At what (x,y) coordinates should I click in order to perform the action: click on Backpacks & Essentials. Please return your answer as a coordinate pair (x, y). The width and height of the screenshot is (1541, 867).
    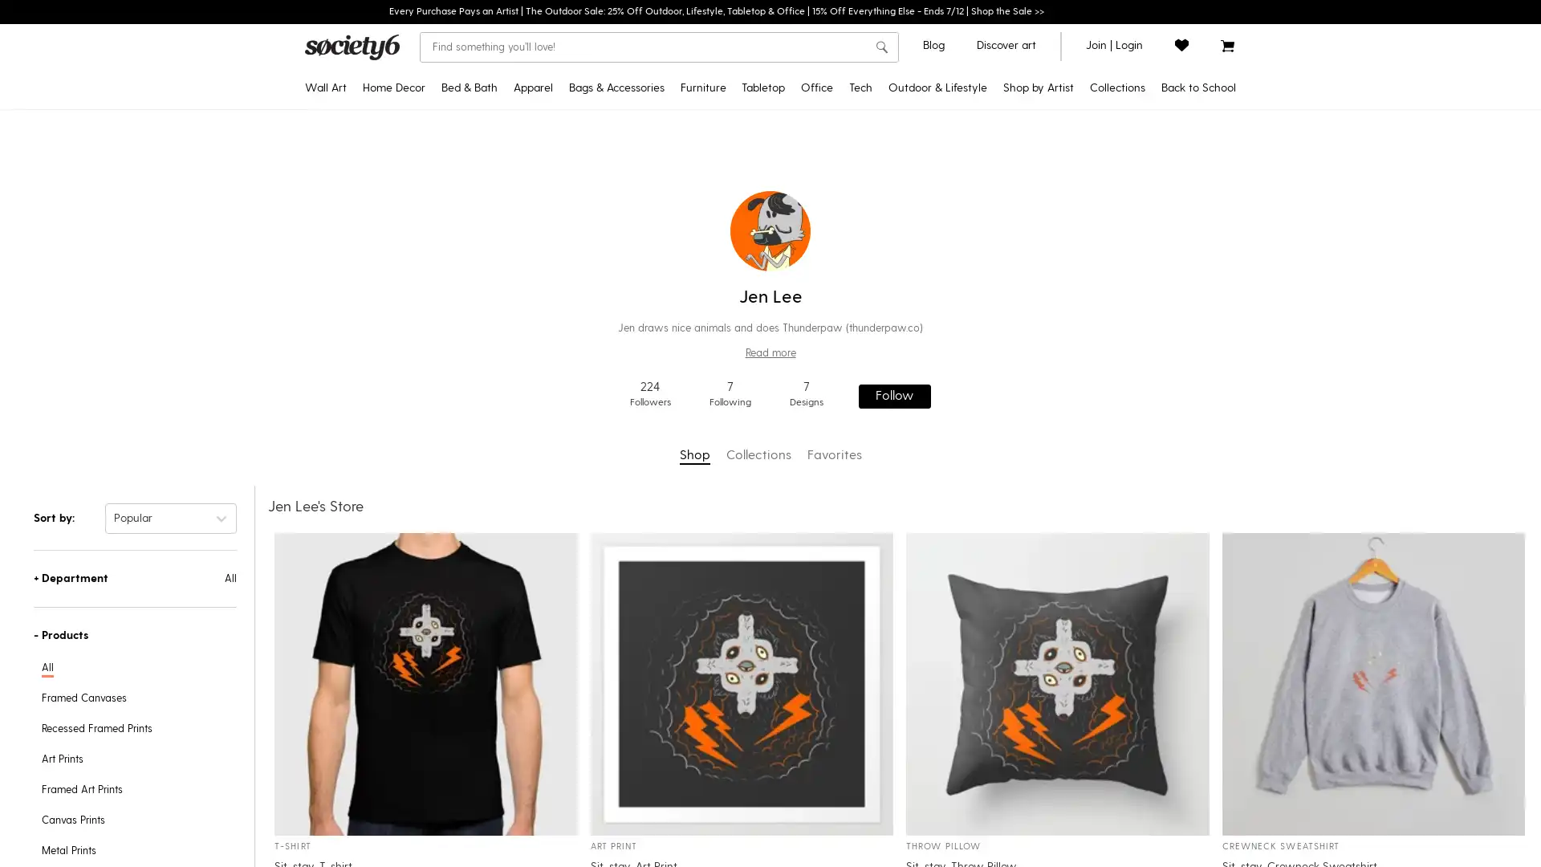
    Looking at the image, I should click on (1154, 232).